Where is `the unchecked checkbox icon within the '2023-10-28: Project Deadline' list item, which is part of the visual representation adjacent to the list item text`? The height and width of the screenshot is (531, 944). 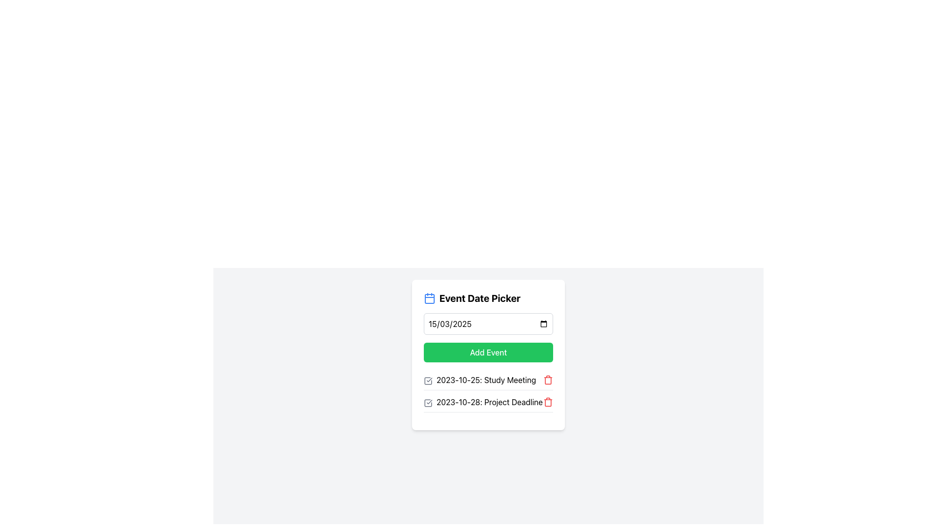
the unchecked checkbox icon within the '2023-10-28: Project Deadline' list item, which is part of the visual representation adjacent to the list item text is located at coordinates (428, 403).